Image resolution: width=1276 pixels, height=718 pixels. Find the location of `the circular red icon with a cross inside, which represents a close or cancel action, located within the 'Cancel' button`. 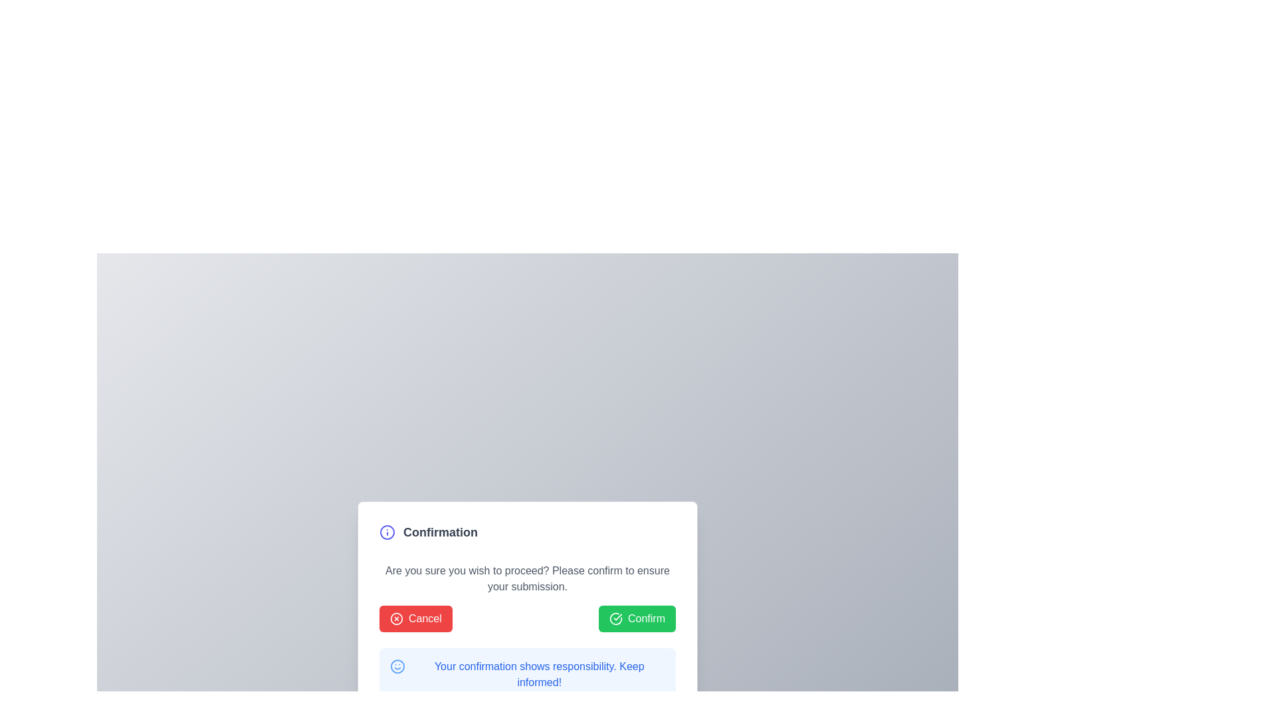

the circular red icon with a cross inside, which represents a close or cancel action, located within the 'Cancel' button is located at coordinates (395, 618).